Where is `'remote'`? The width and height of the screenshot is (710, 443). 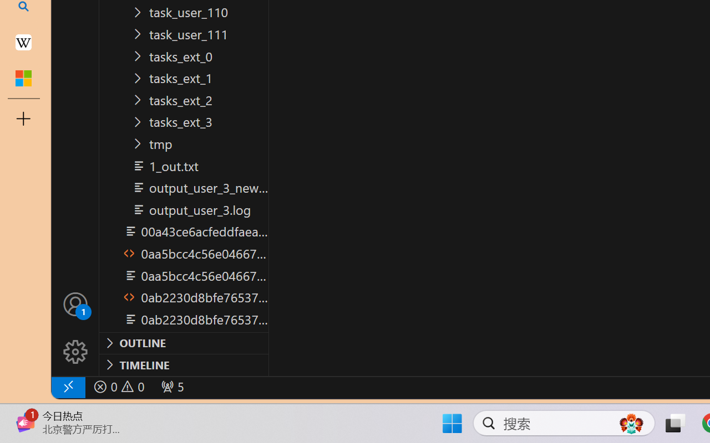 'remote' is located at coordinates (67, 387).